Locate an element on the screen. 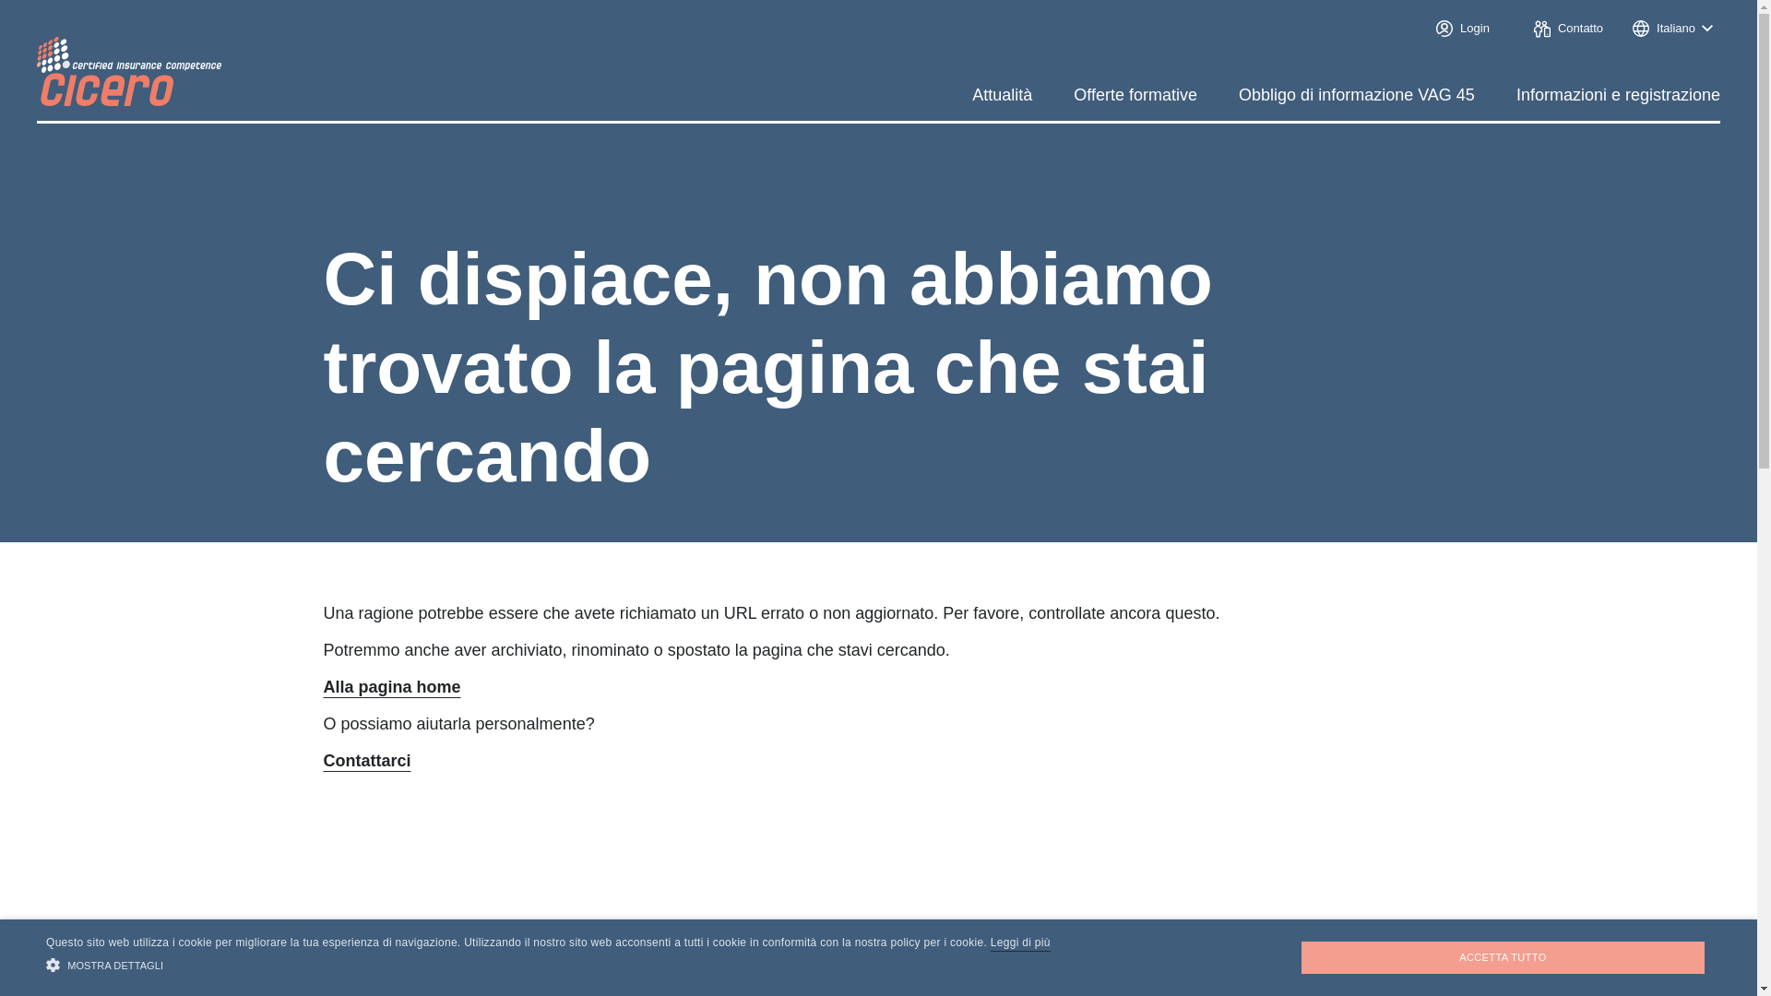  'Obbligo di informazione VAG 45' is located at coordinates (1356, 95).